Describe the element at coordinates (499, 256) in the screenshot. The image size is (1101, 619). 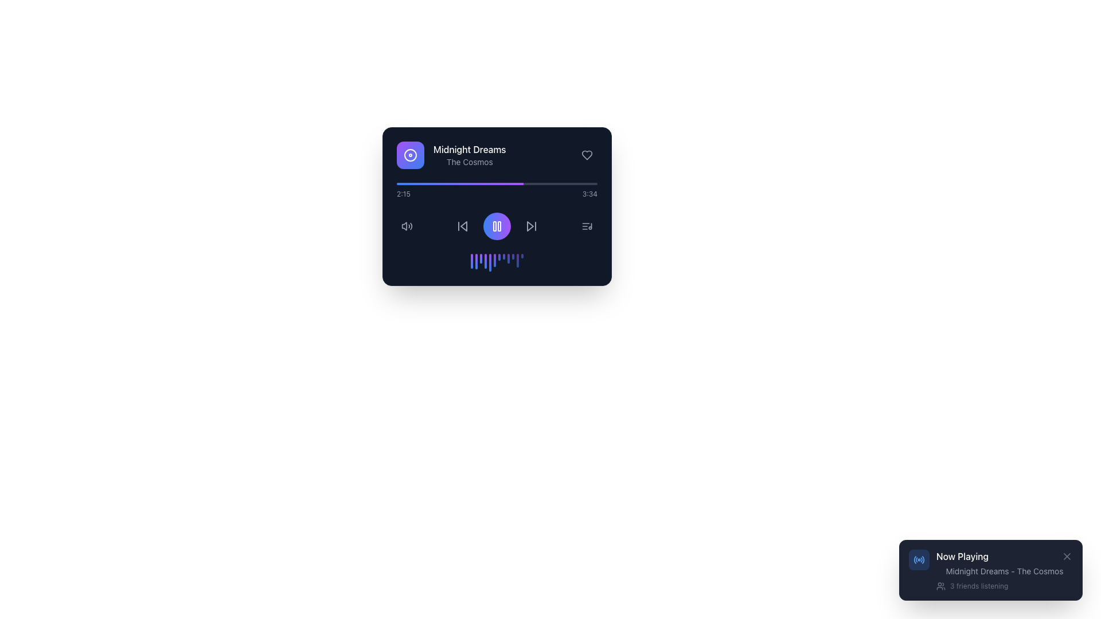
I see `the pulsing animation effect of the thin vertical bar with a gradient color scheme transitioning from blue to purple, which is the seventh bar from the left among twelve similar bars` at that location.